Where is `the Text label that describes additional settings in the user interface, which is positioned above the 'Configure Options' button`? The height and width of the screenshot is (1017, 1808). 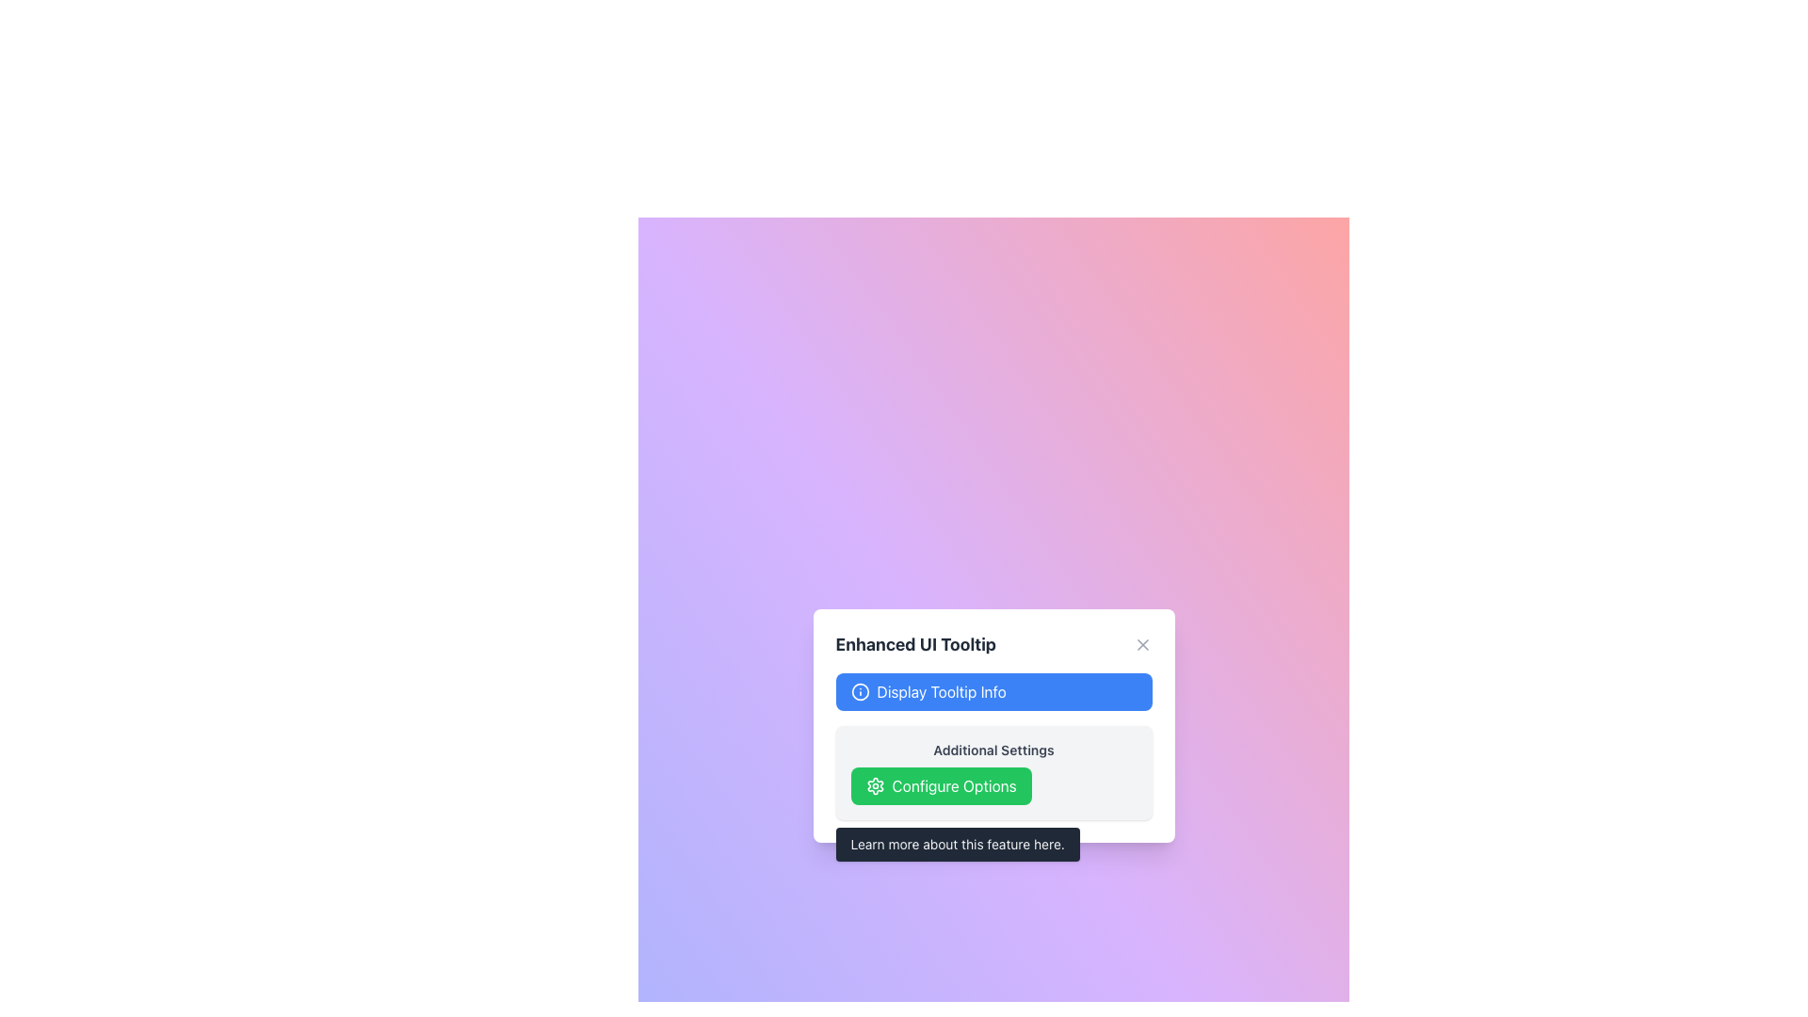
the Text label that describes additional settings in the user interface, which is positioned above the 'Configure Options' button is located at coordinates (993, 750).